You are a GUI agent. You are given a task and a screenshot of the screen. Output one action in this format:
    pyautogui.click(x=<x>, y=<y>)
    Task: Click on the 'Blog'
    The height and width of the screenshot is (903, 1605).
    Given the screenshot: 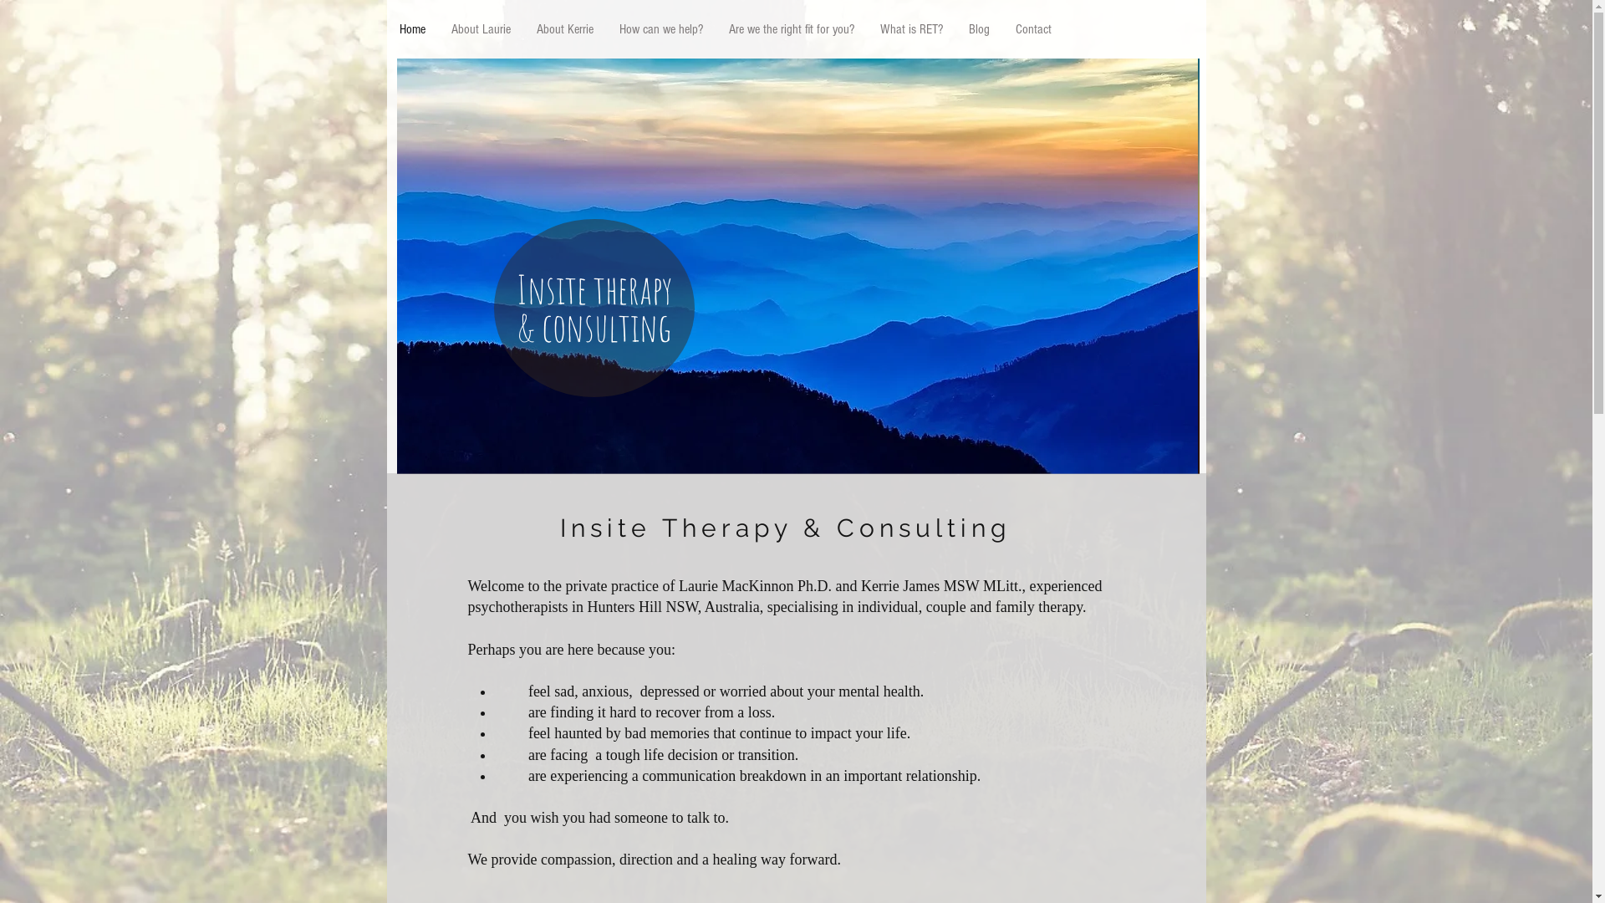 What is the action you would take?
    pyautogui.click(x=978, y=29)
    